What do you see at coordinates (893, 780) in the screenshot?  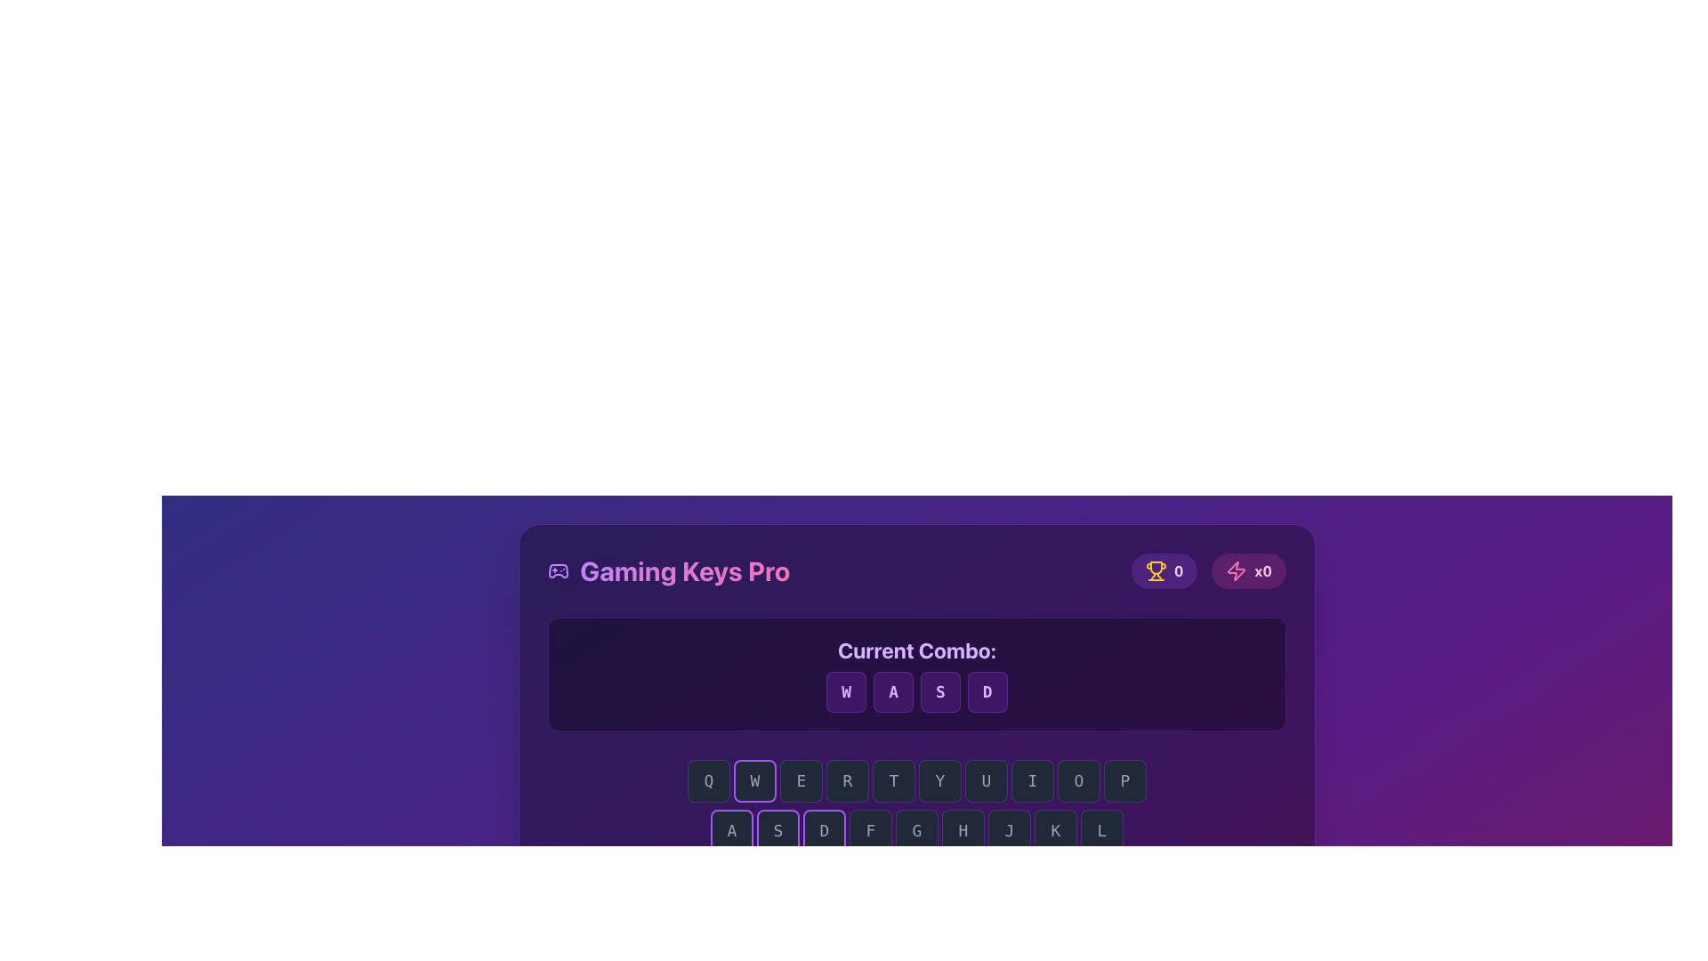 I see `the square button with rounded corners, dark-gray background, thin purple border, and the letter 'T' centered in light-gray color, located near the bottom of the interface` at bounding box center [893, 780].